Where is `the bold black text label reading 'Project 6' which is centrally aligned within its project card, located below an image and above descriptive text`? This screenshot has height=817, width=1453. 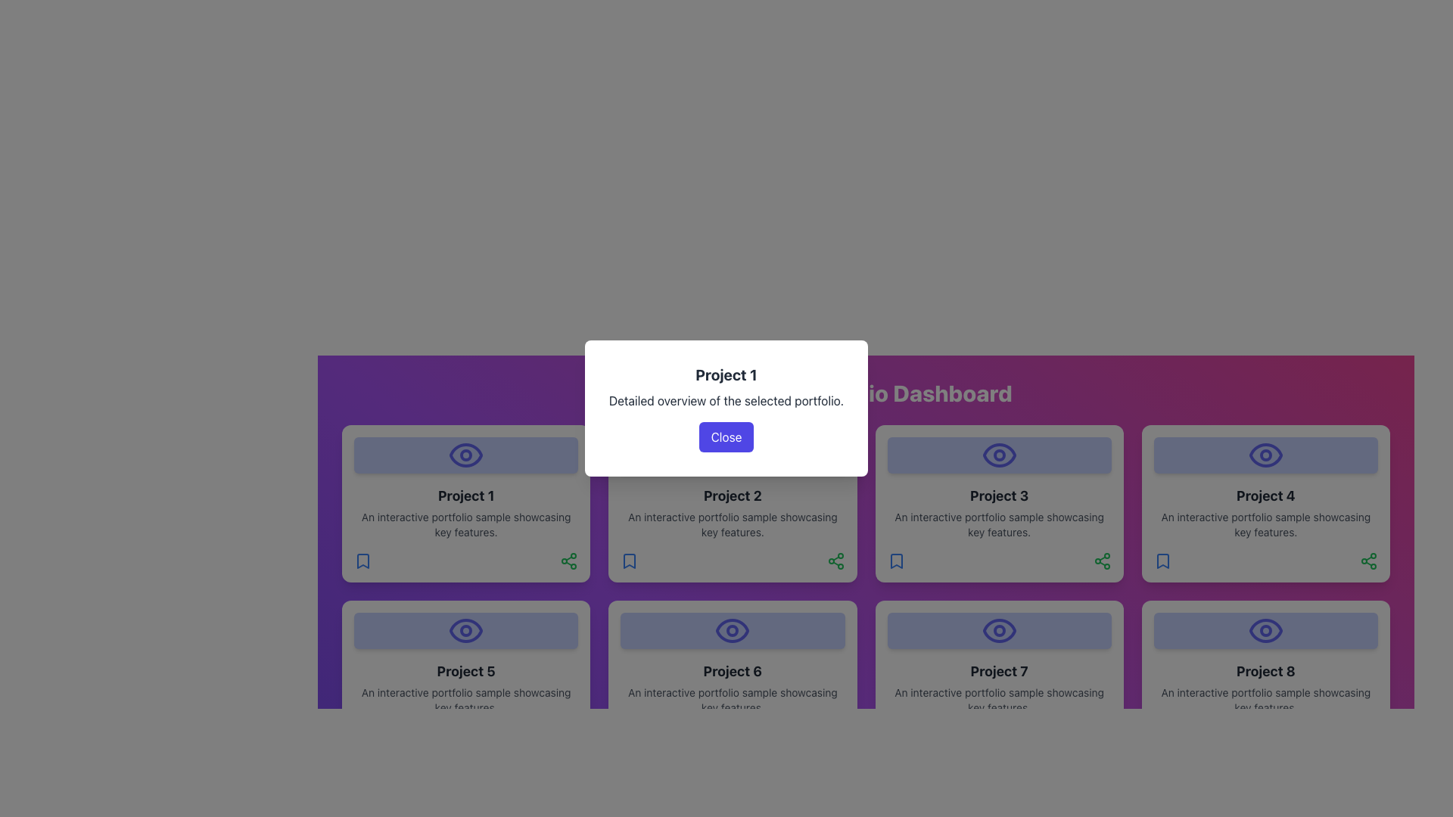 the bold black text label reading 'Project 6' which is centrally aligned within its project card, located below an image and above descriptive text is located at coordinates (733, 670).